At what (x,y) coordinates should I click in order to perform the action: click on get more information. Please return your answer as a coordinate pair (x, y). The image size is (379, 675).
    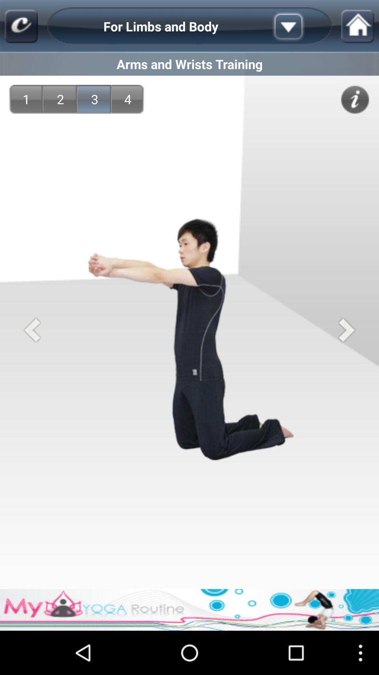
    Looking at the image, I should click on (355, 99).